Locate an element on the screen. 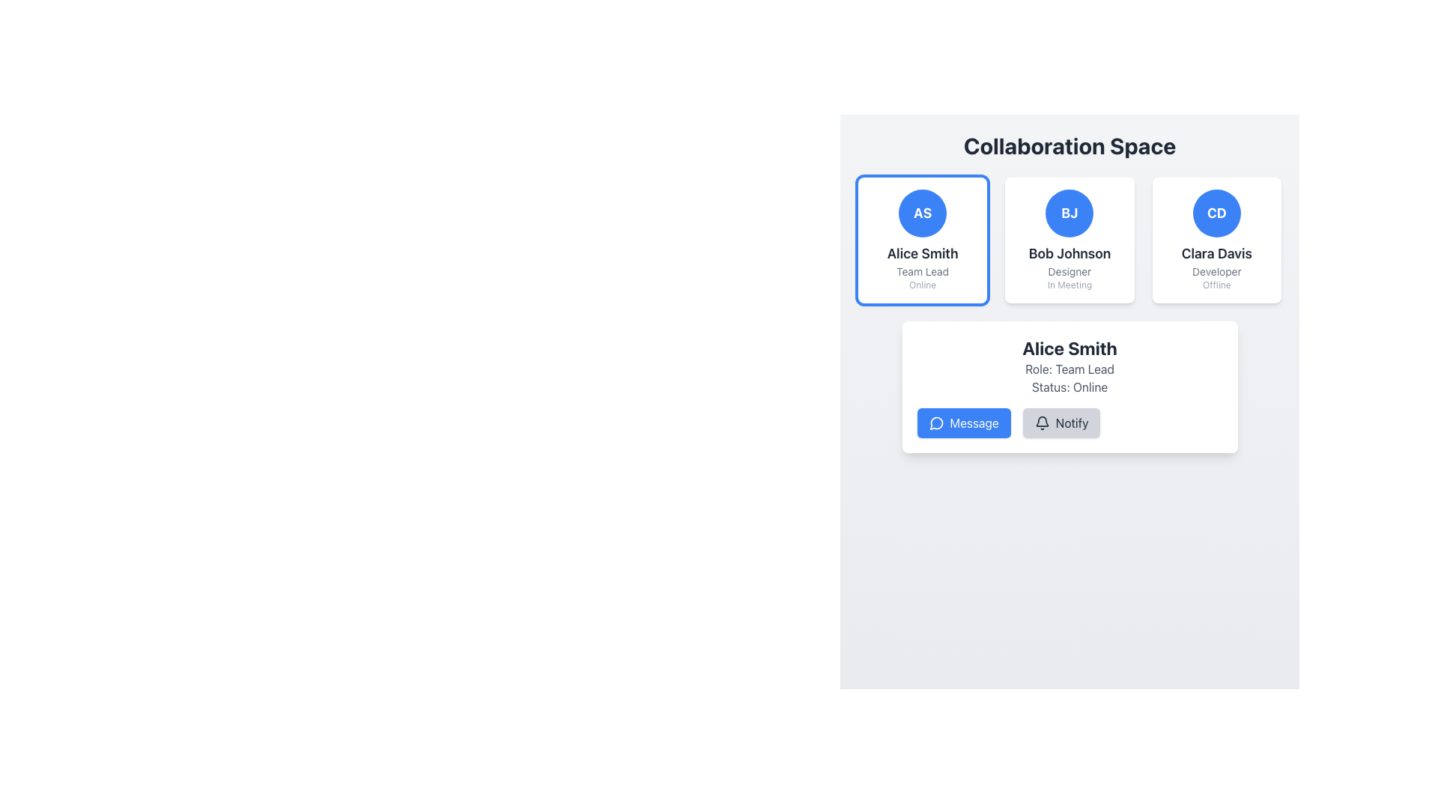 The height and width of the screenshot is (809, 1438). the messaging icon located to the left of the Message button's label text below the user details section is located at coordinates (935, 423).